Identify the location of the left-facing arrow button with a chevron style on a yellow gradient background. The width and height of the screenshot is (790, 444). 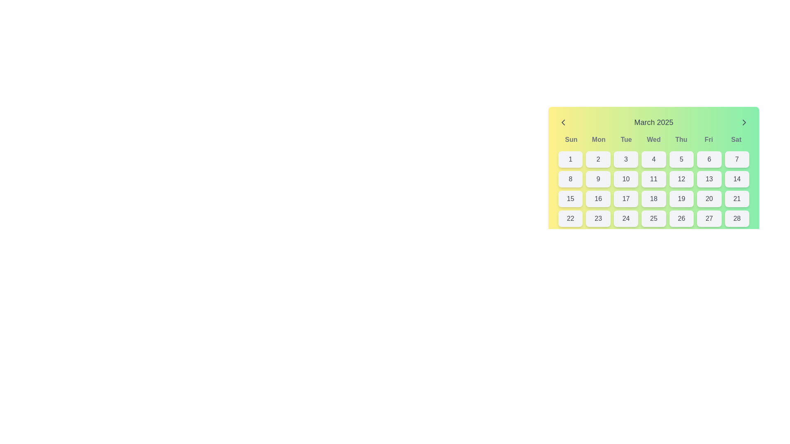
(562, 122).